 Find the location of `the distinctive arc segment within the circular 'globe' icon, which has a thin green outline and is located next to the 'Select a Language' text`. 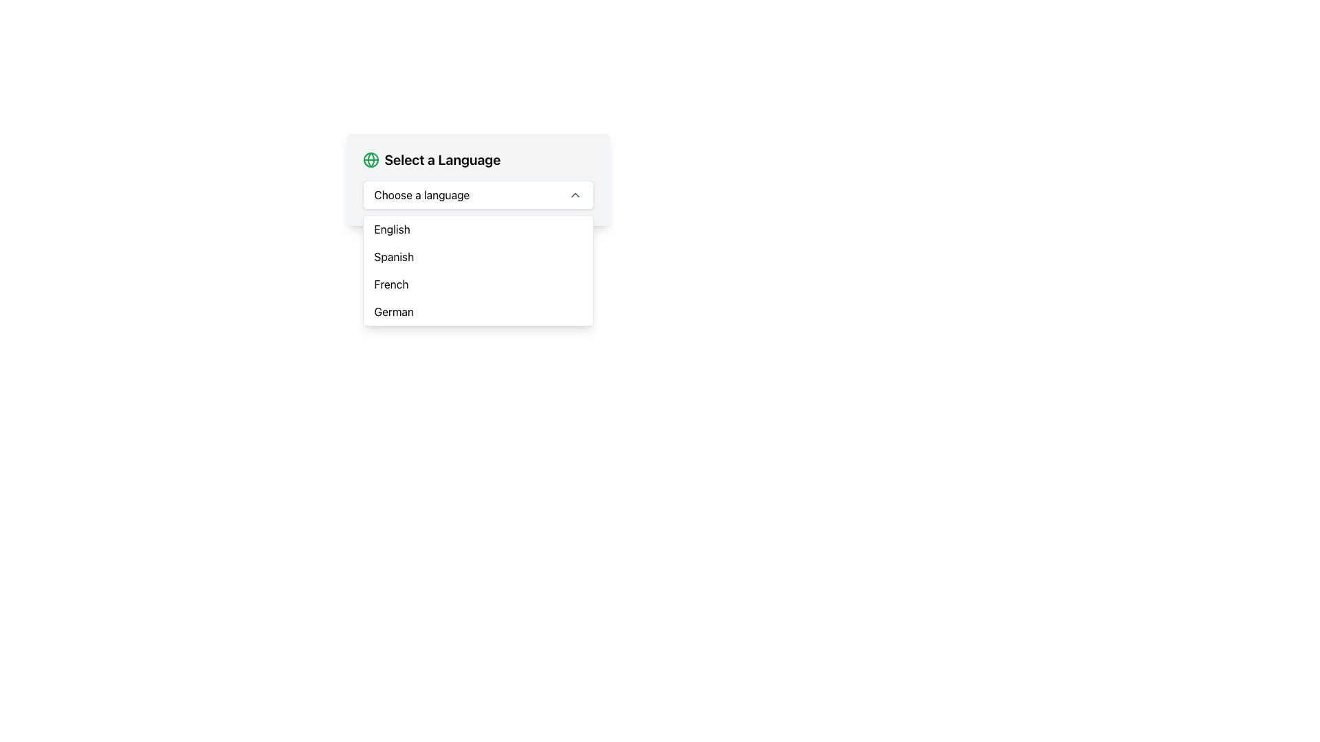

the distinctive arc segment within the circular 'globe' icon, which has a thin green outline and is located next to the 'Select a Language' text is located at coordinates (371, 159).